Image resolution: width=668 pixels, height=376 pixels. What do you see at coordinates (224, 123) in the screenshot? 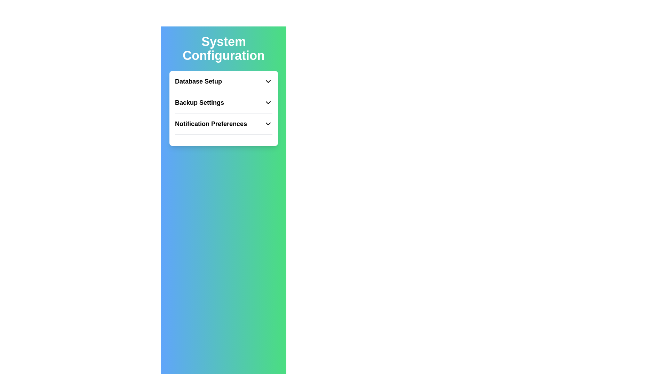
I see `'Notification Preferences' collapsible section header by clicking on it to reveal additional options` at bounding box center [224, 123].